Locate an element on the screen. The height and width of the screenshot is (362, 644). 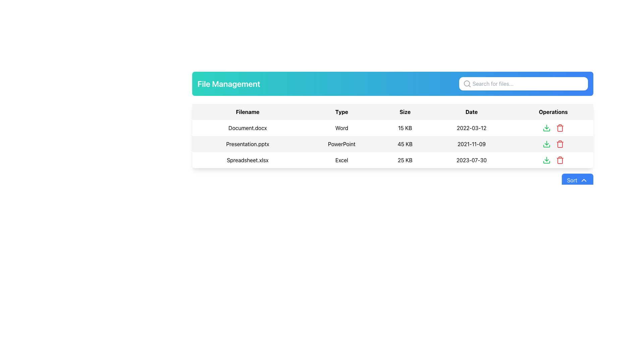
the bold text label reading 'Type', which is the second column header in a five-header table, positioned centrally near the top of the table layout area is located at coordinates (341, 112).